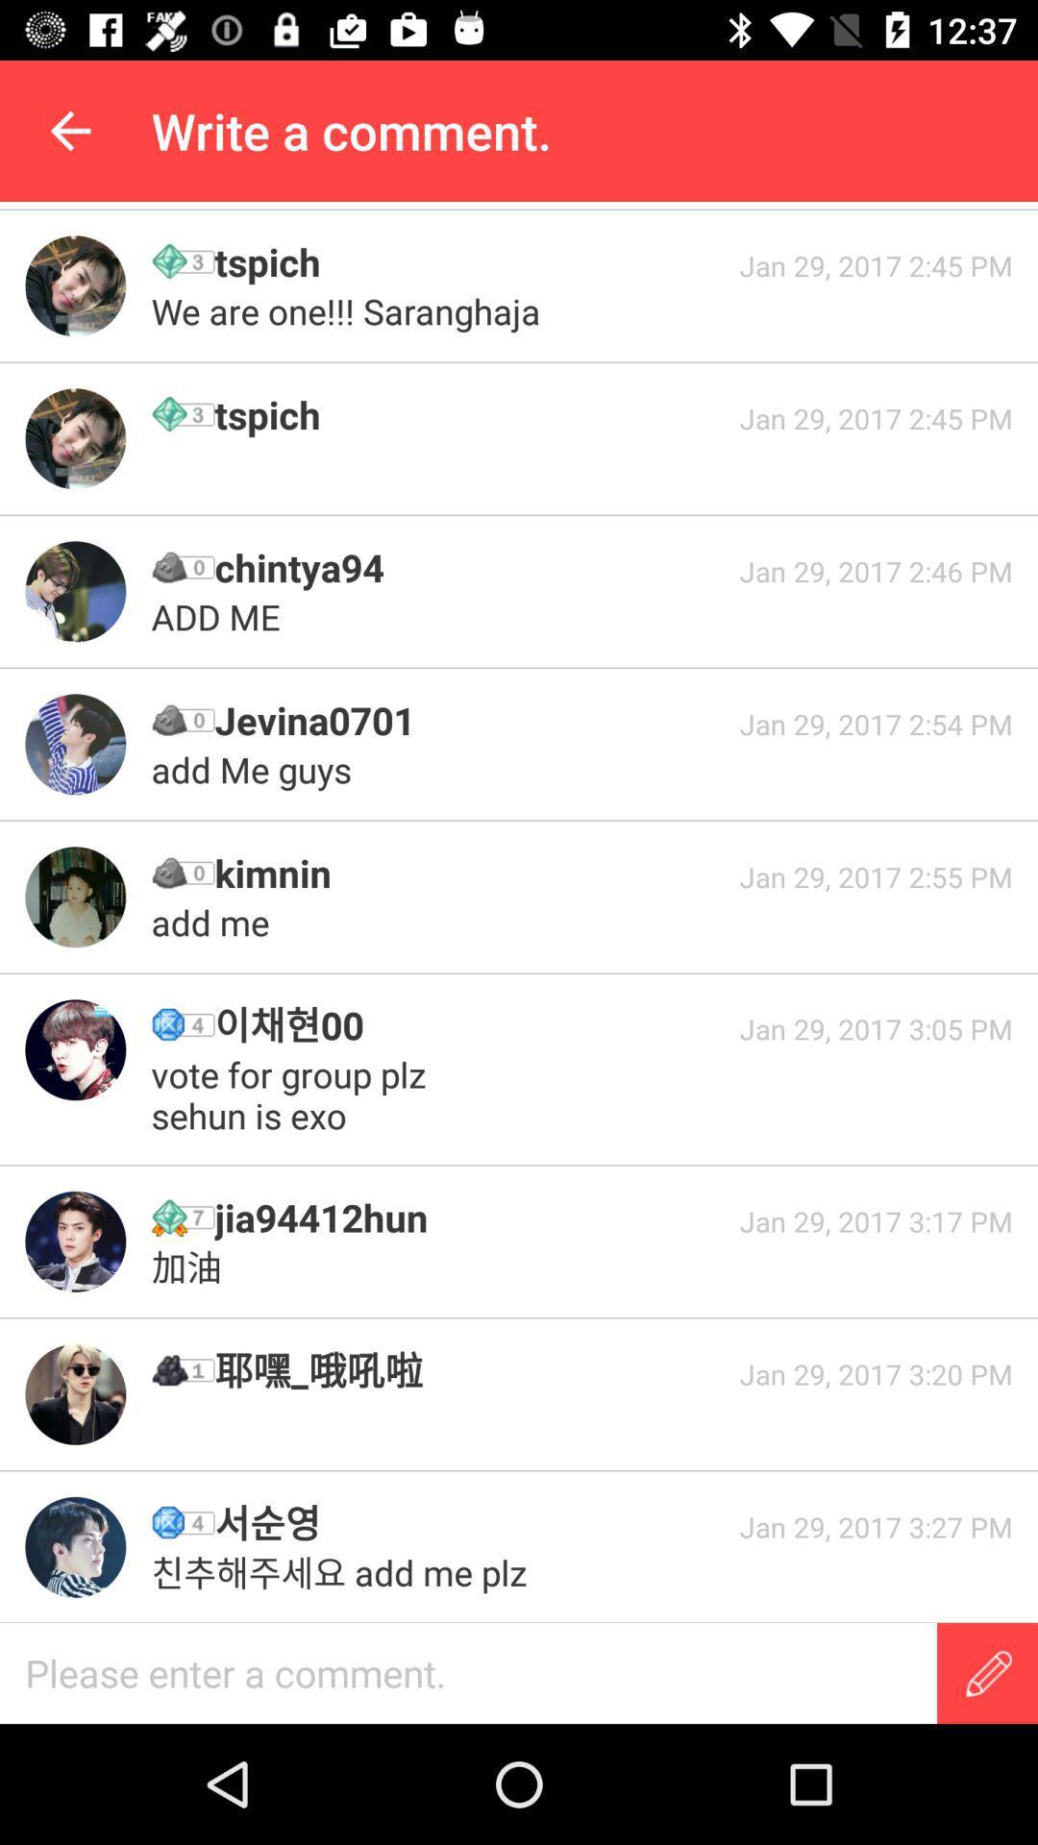 The height and width of the screenshot is (1845, 1038). Describe the element at coordinates (470, 1522) in the screenshot. I see `item to the left of jan 29 2017` at that location.